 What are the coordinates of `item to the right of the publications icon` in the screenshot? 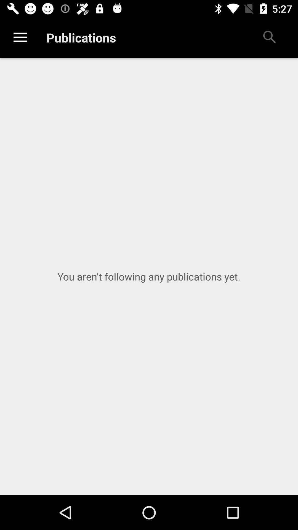 It's located at (269, 37).